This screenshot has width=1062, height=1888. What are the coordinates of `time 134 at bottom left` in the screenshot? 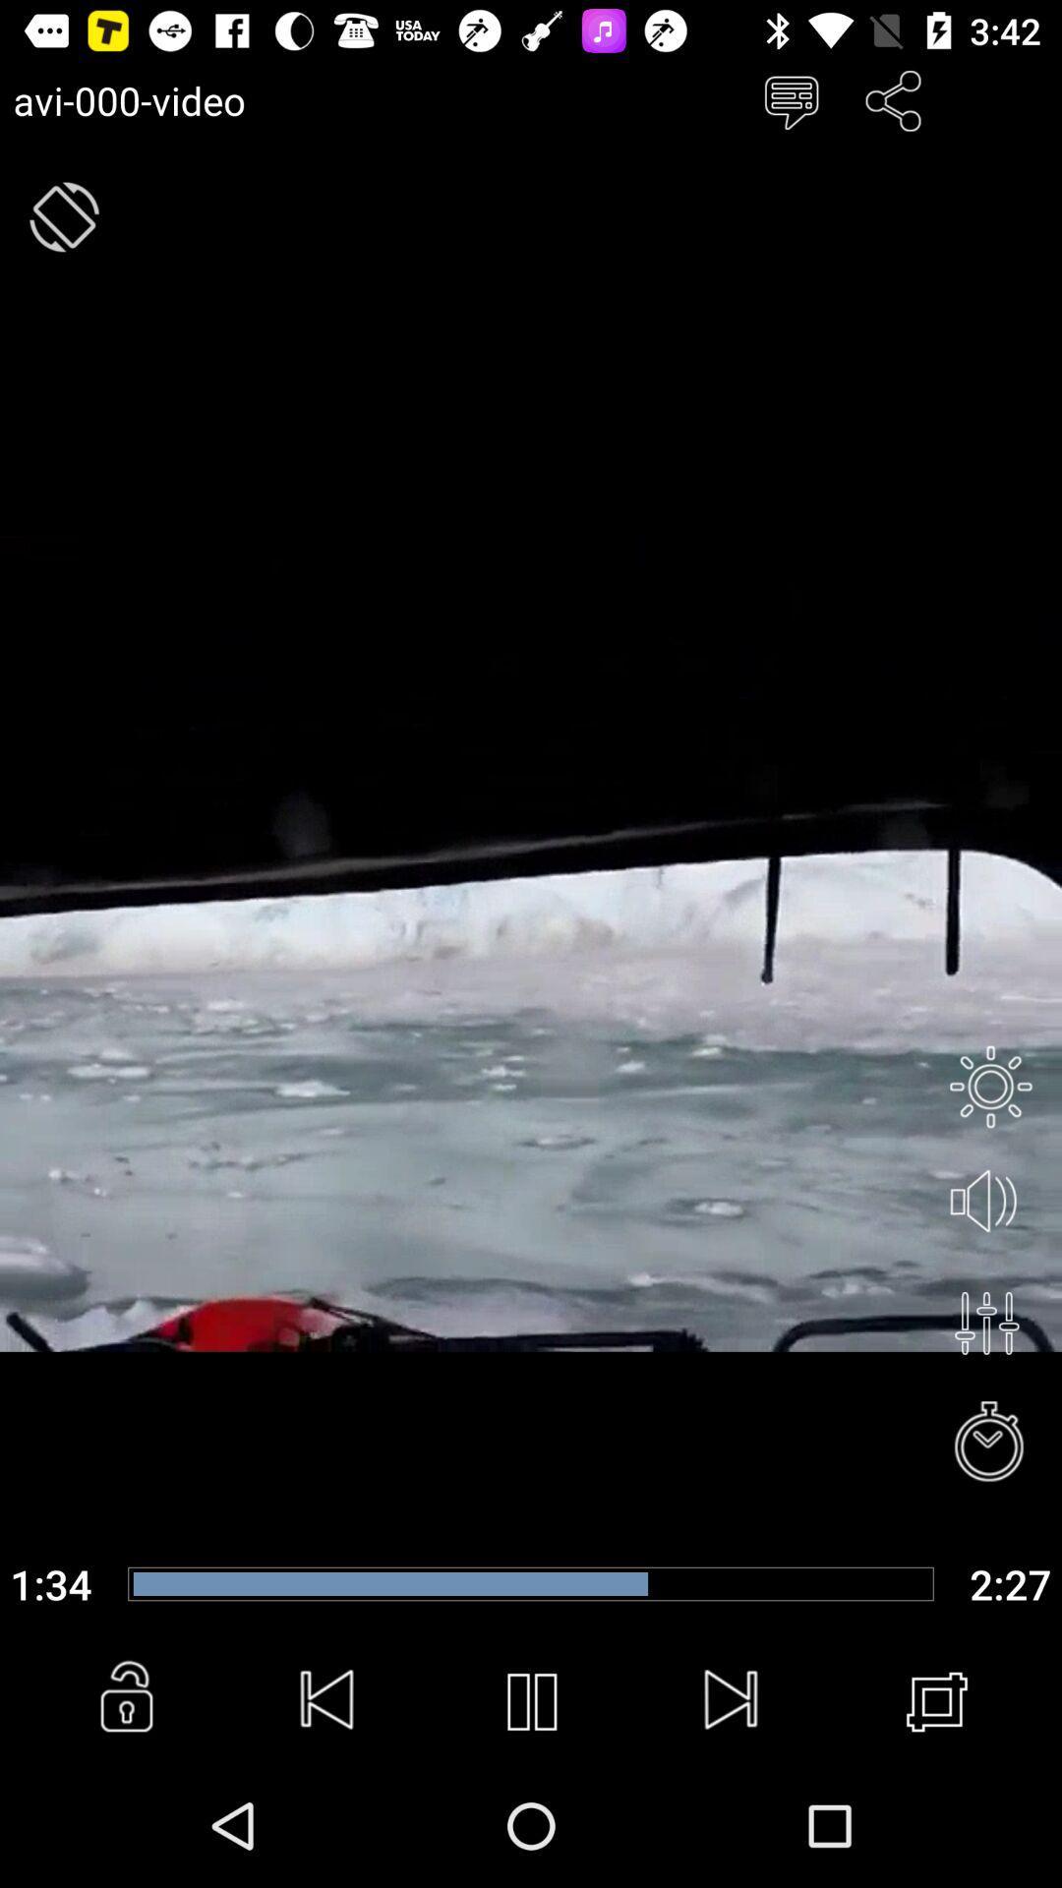 It's located at (50, 1584).